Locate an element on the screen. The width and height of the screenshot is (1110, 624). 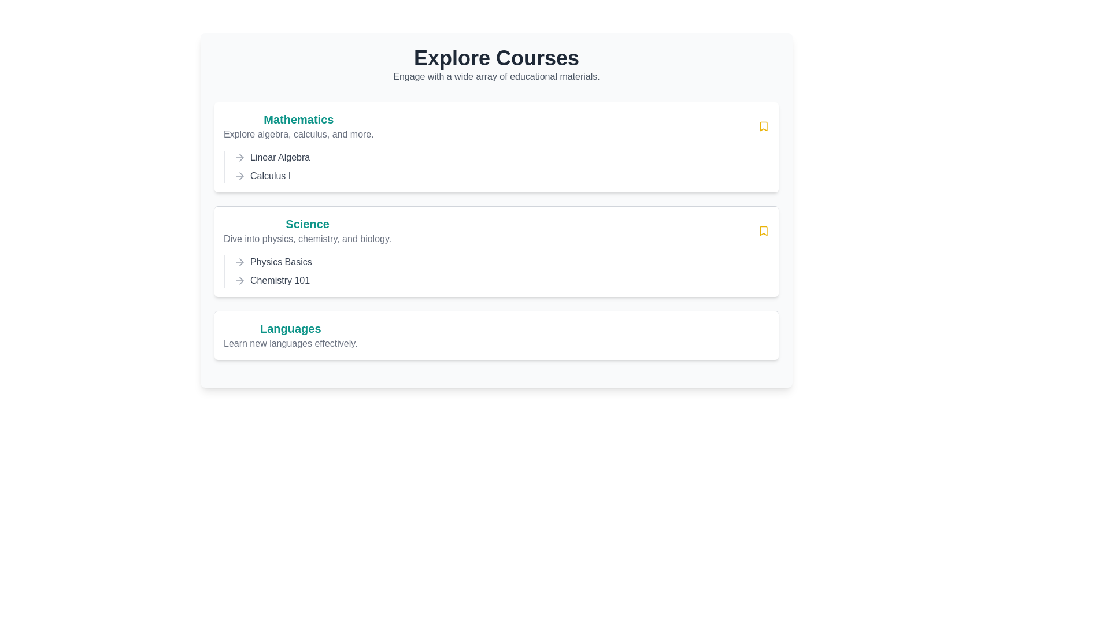
the bookmark icon with a yellow stroke located to the far right of the 'Science' section to mark it as a favorite is located at coordinates (763, 231).